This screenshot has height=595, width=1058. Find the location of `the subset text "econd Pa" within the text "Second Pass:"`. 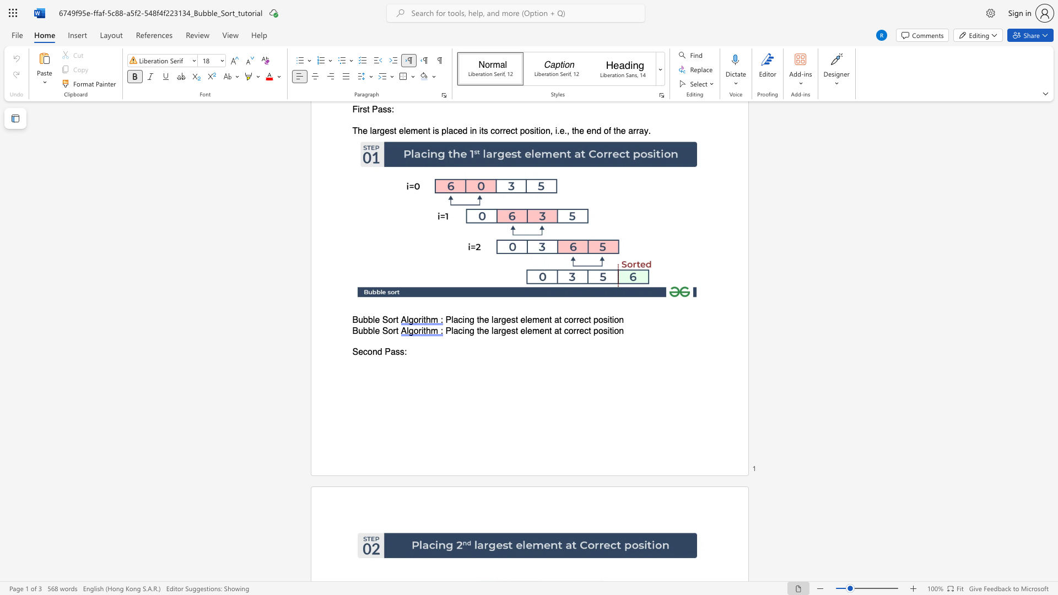

the subset text "econd Pa" within the text "Second Pass:" is located at coordinates (358, 352).